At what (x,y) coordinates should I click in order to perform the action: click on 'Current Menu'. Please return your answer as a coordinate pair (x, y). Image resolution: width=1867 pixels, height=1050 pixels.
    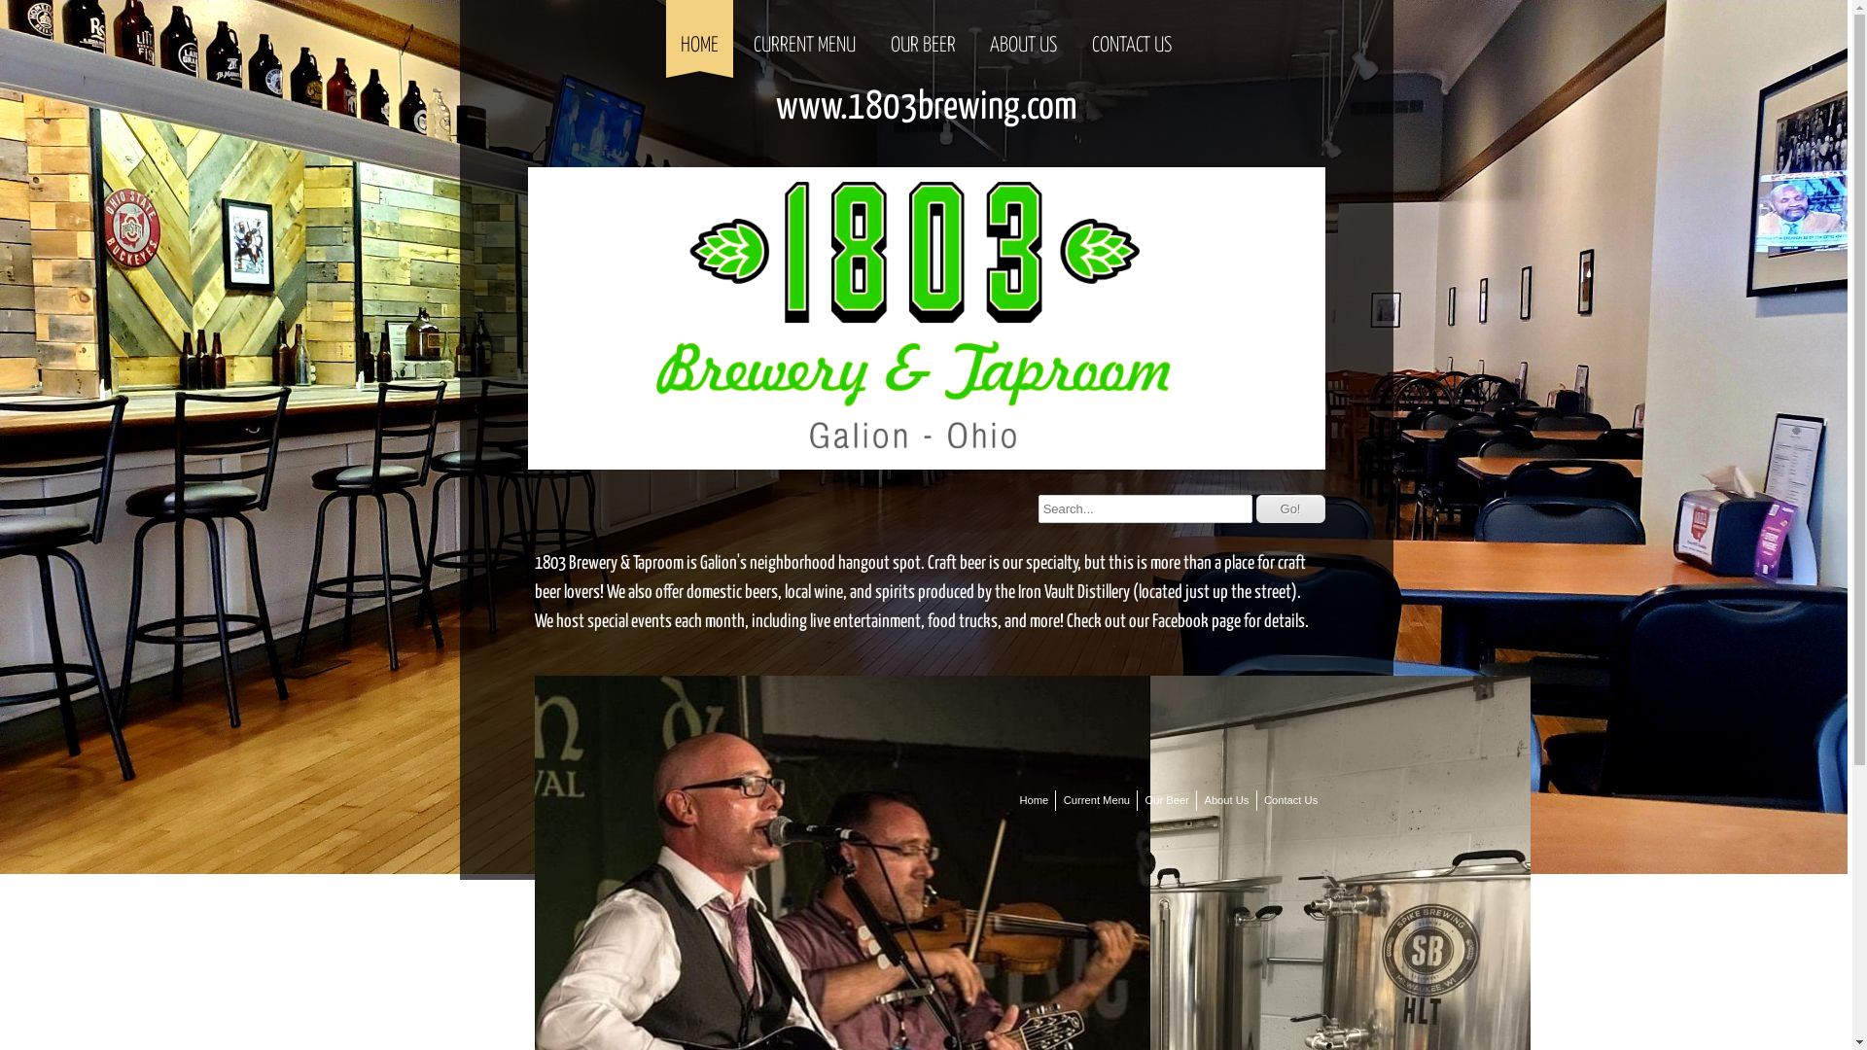
    Looking at the image, I should click on (1058, 800).